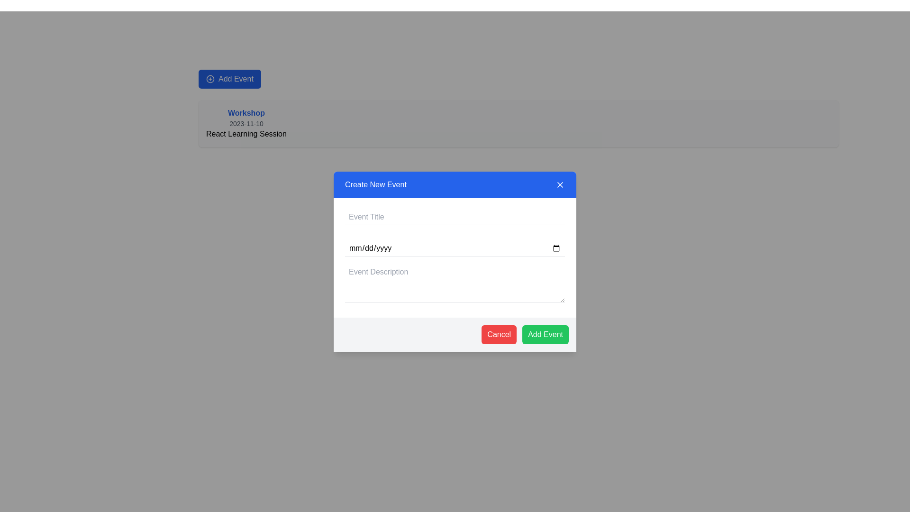 This screenshot has height=512, width=910. I want to click on the 'X' icon button in the top right corner of the 'Create New Event' modal header, so click(560, 184).